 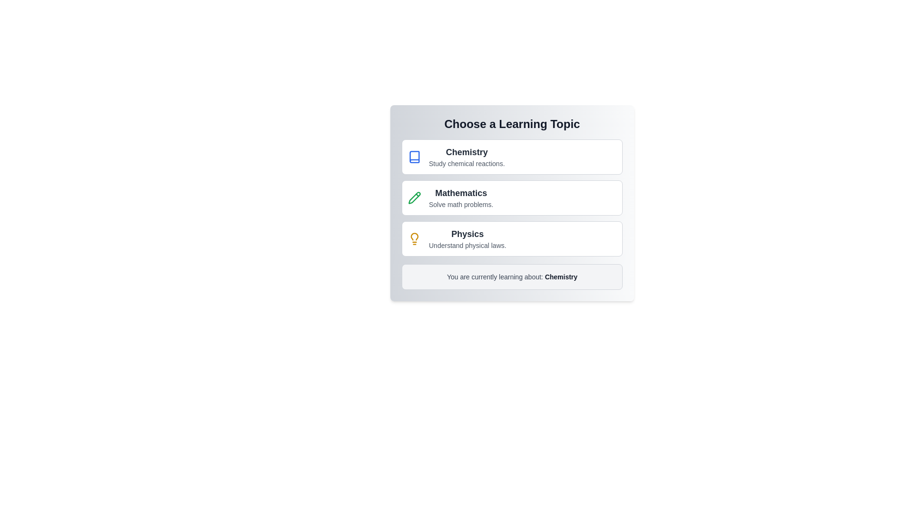 I want to click on title text label indicating the Physics topic, which is the third item in the vertical list of learning topics, centrally aligned below 'Mathematics', so click(x=467, y=234).